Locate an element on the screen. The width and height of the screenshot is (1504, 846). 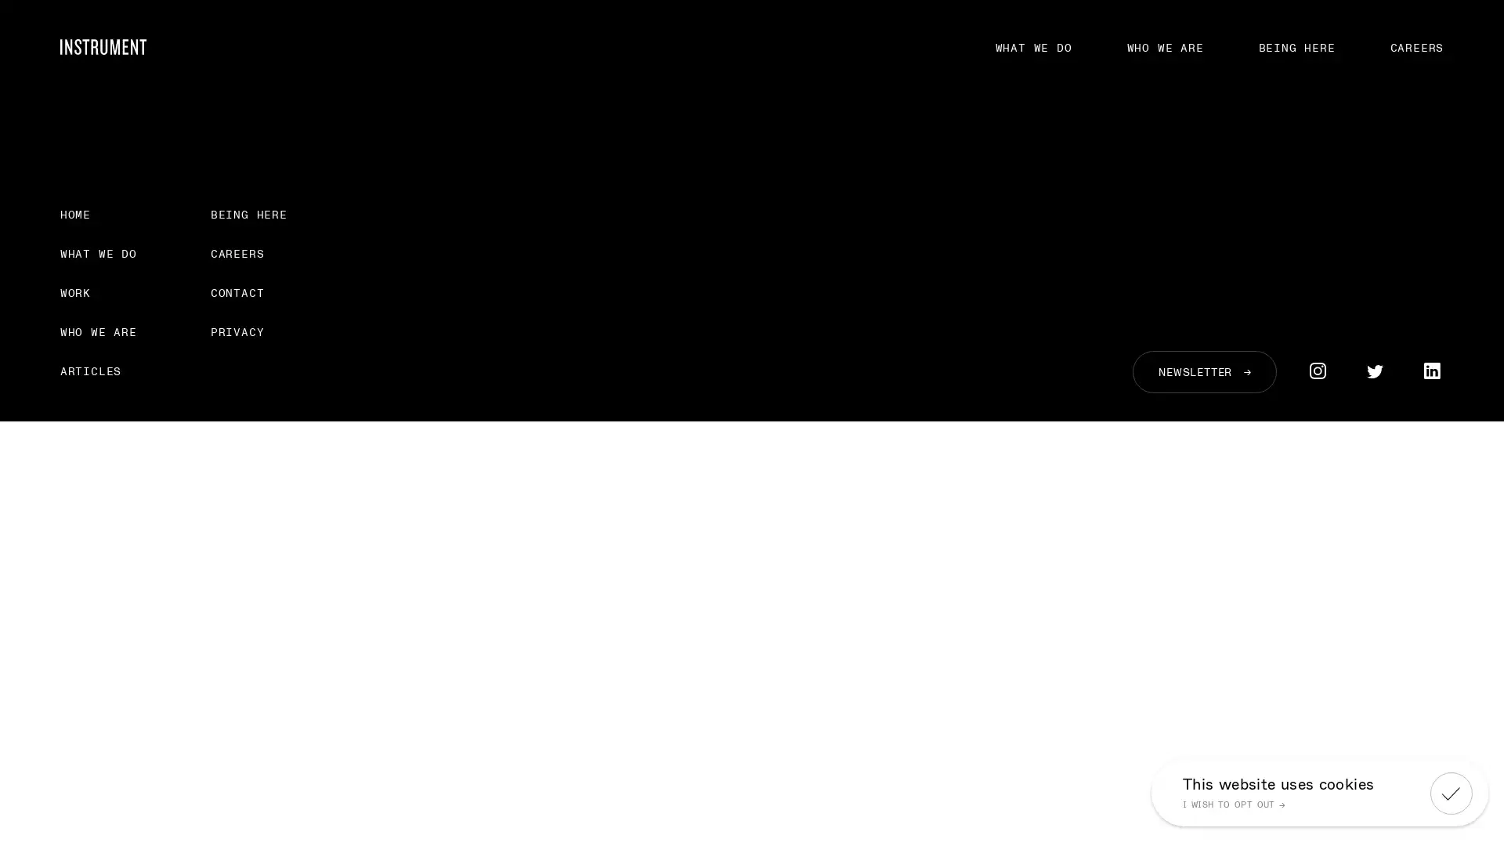
NEWSLETTER is located at coordinates (1203, 371).